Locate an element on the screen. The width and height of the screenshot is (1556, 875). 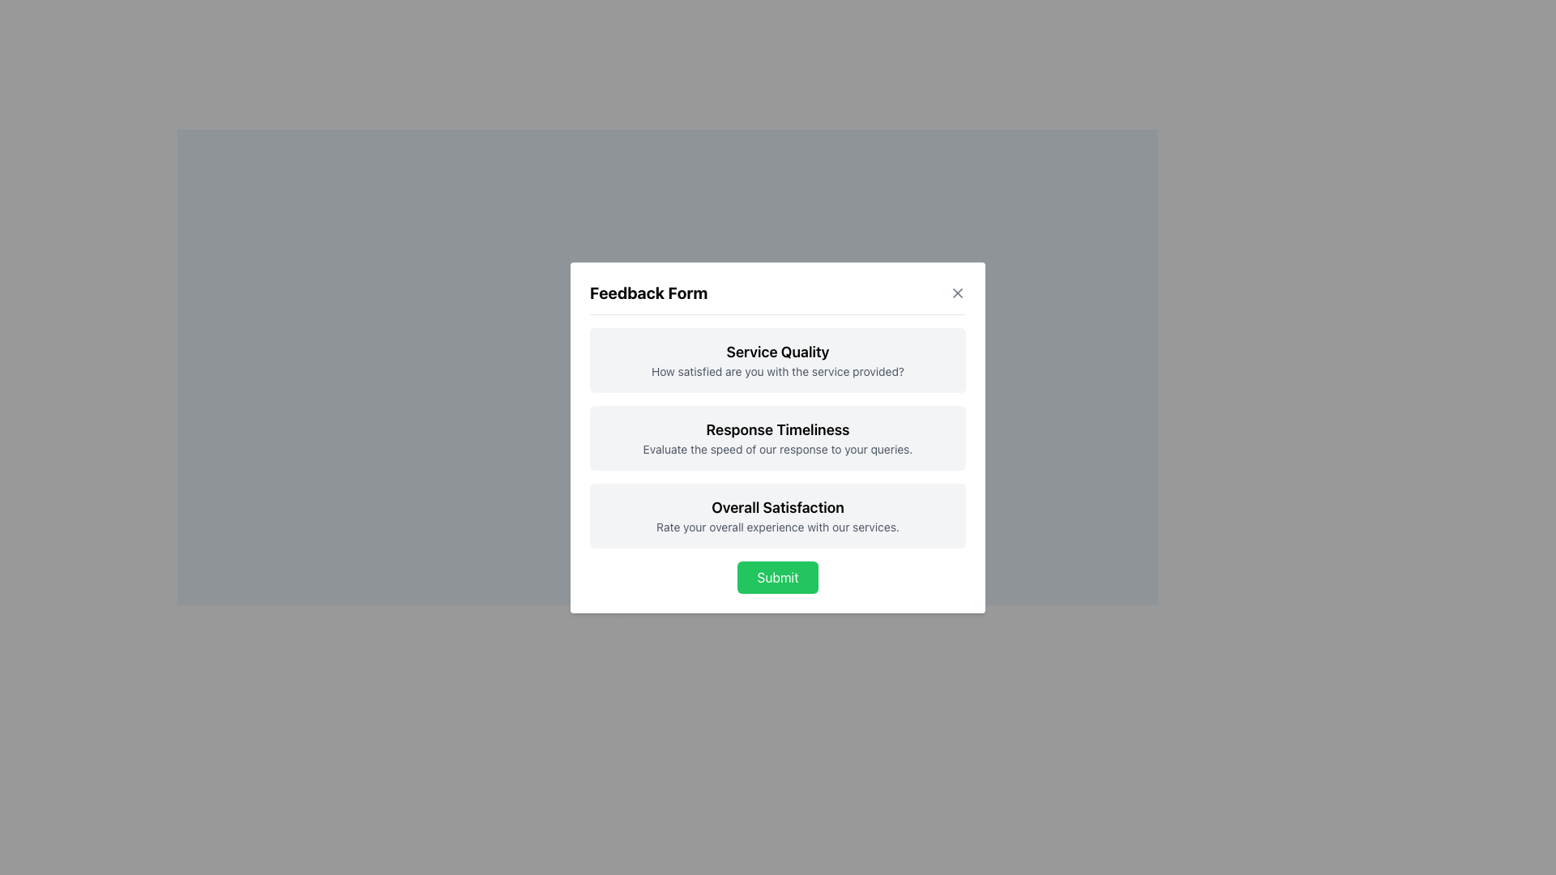
the submit button located at the bottom-center of the 'Feedback Form' modal to change its background color is located at coordinates (778, 576).